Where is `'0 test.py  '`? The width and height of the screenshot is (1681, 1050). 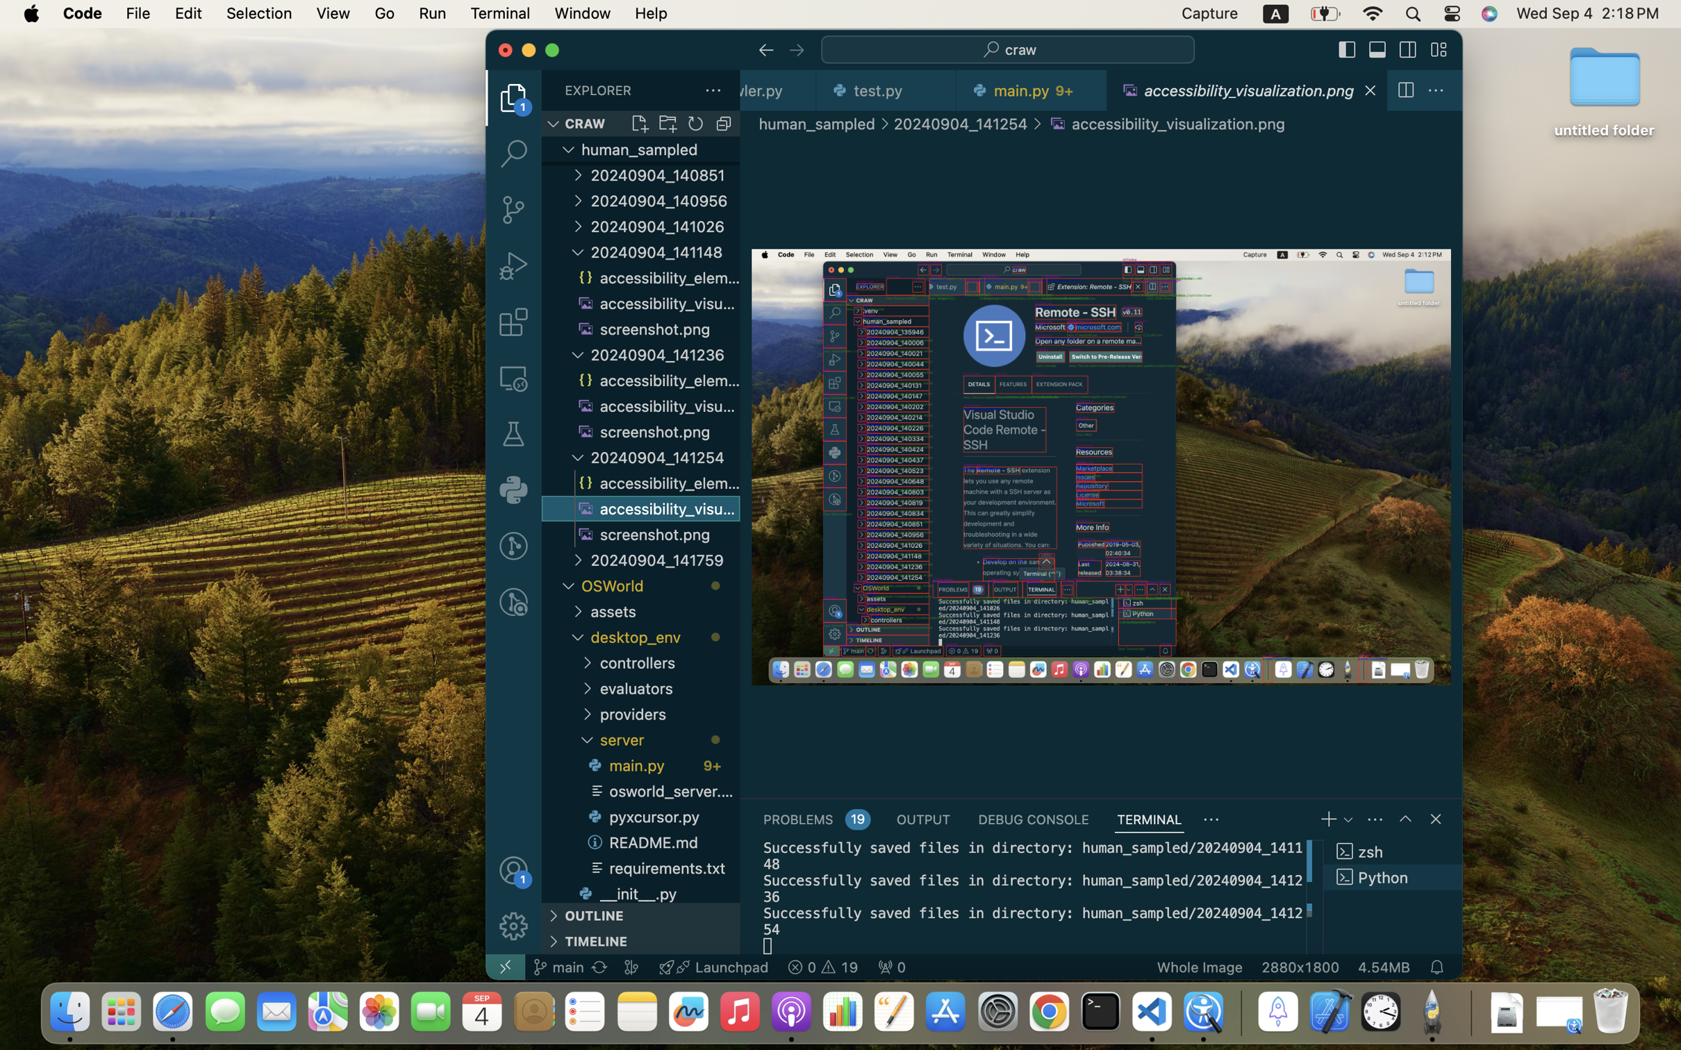 '0 test.py  ' is located at coordinates (886, 90).